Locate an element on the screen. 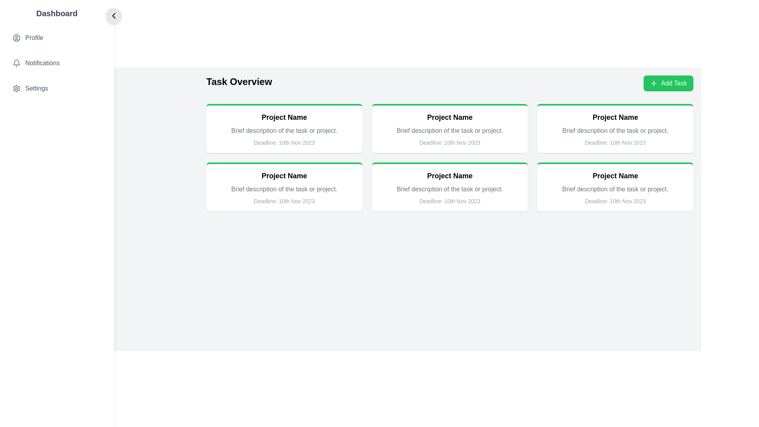  the text label displaying 'Deadline: 10th Nov 2023', which is styled in a smaller gray font and located at the bottom of the fourth card in a two-by-two grid layout is located at coordinates (615, 201).